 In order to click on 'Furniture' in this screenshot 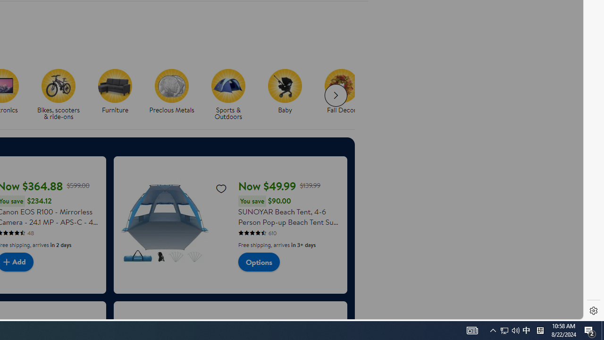, I will do `click(118, 95)`.